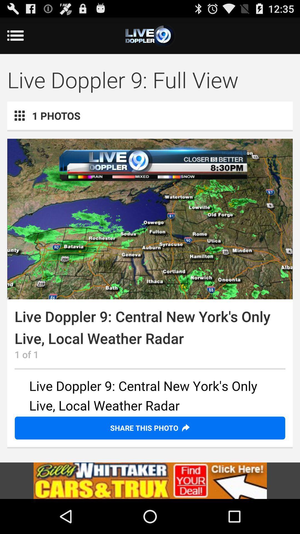 The width and height of the screenshot is (300, 534). I want to click on see more info in that area, so click(150, 396).